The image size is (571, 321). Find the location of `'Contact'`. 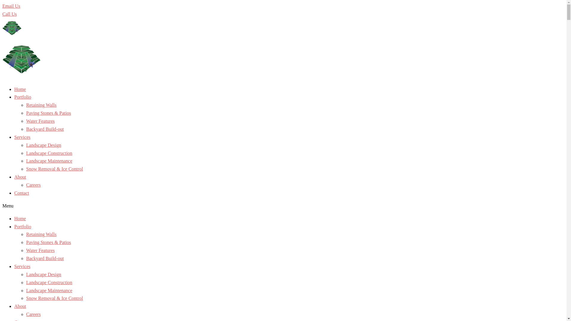

'Contact' is located at coordinates (14, 193).